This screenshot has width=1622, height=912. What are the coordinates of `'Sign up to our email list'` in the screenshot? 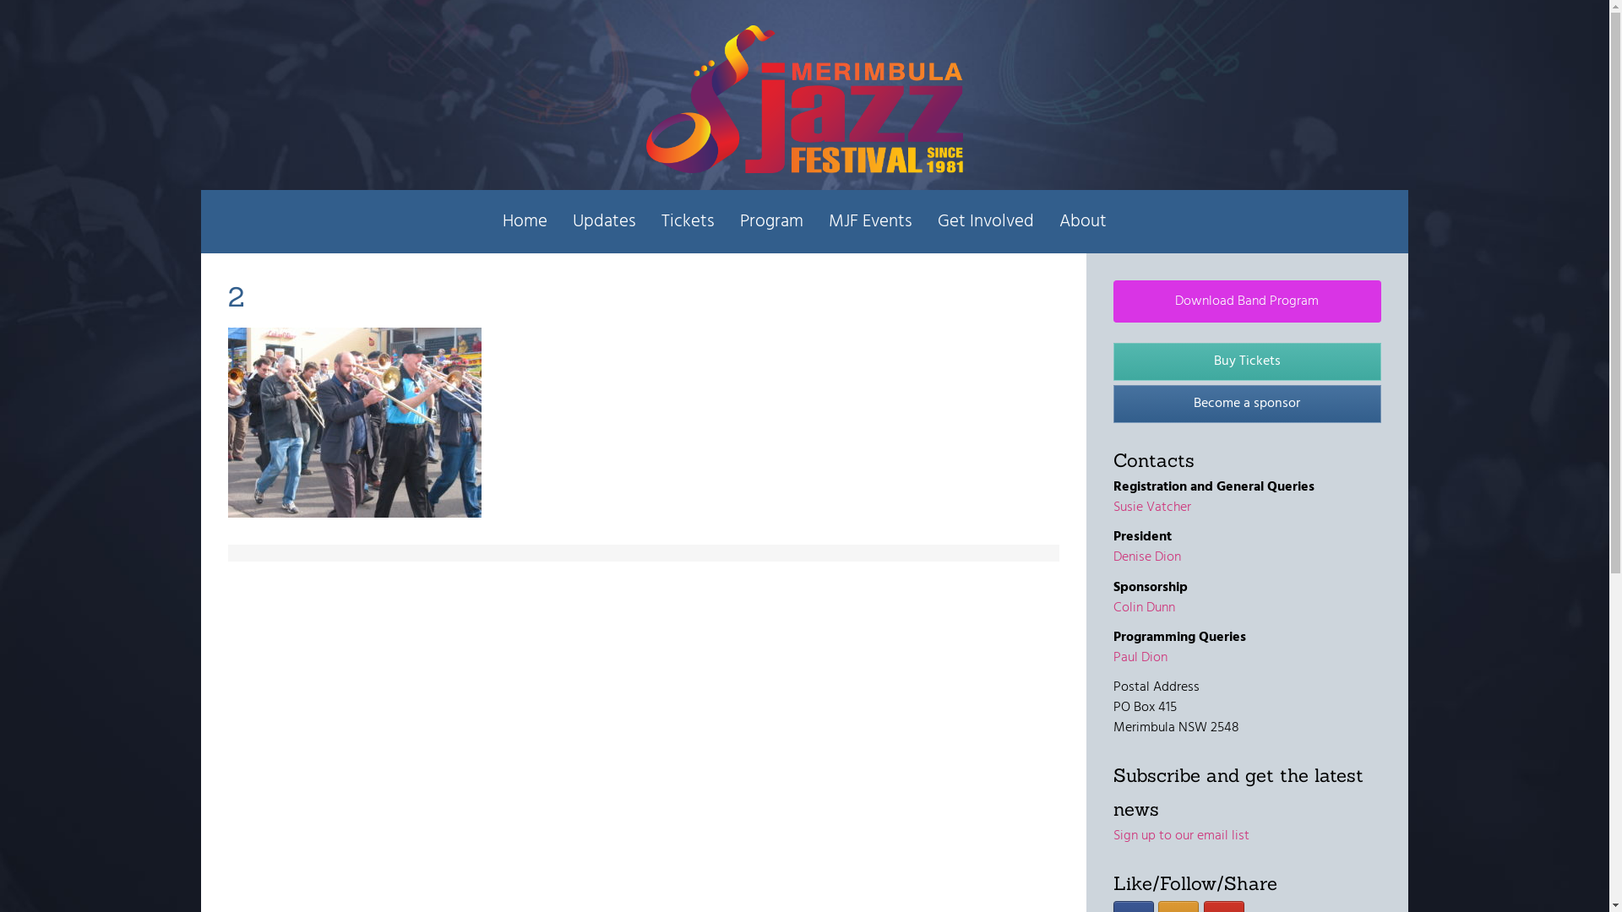 It's located at (1113, 836).